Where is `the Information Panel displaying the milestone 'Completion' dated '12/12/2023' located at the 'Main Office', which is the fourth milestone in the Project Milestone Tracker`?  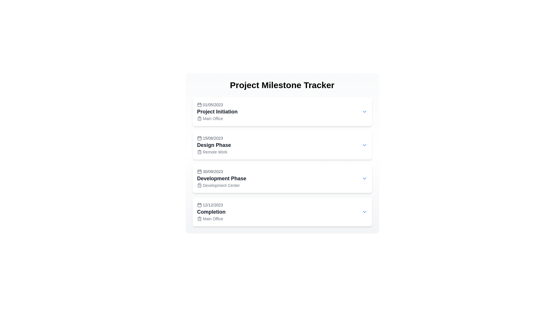
the Information Panel displaying the milestone 'Completion' dated '12/12/2023' located at the 'Main Office', which is the fourth milestone in the Project Milestone Tracker is located at coordinates (282, 212).